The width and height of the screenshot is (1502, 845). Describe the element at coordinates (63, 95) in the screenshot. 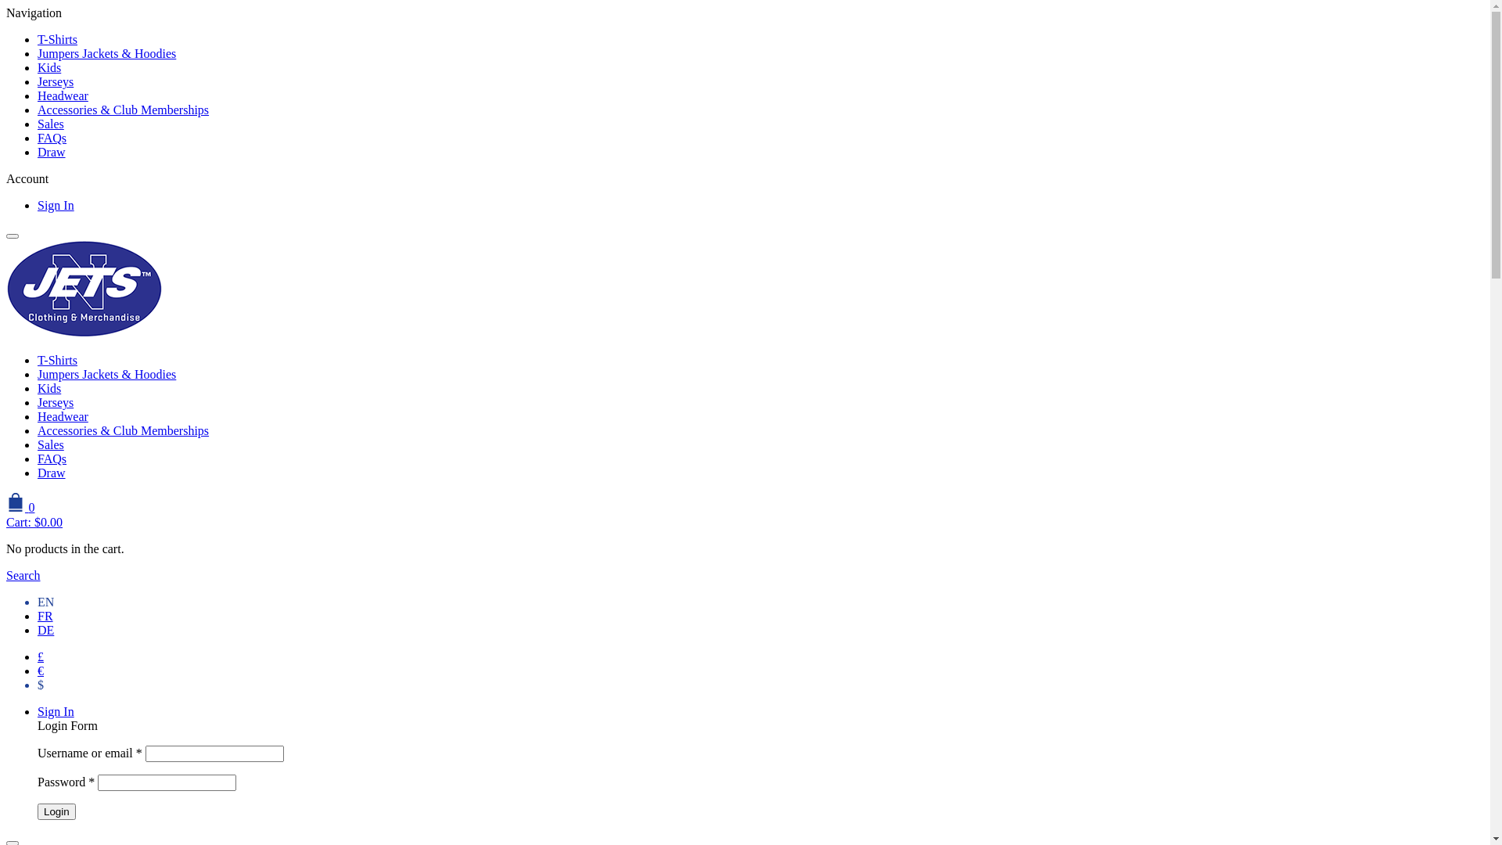

I see `'Headwear'` at that location.